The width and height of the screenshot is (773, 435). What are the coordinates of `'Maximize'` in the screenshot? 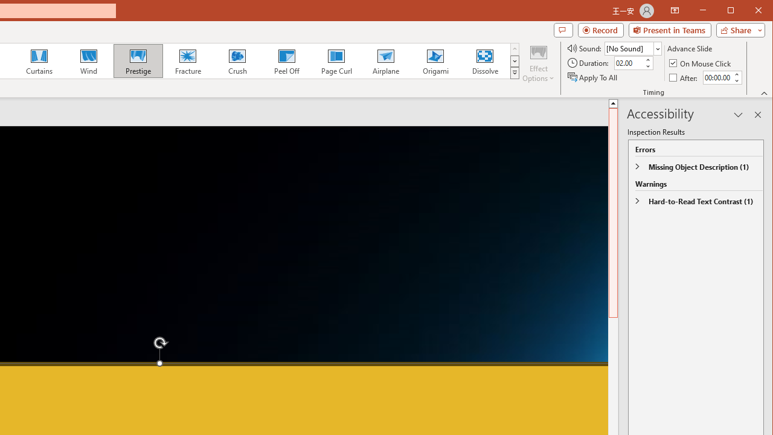 It's located at (748, 11).